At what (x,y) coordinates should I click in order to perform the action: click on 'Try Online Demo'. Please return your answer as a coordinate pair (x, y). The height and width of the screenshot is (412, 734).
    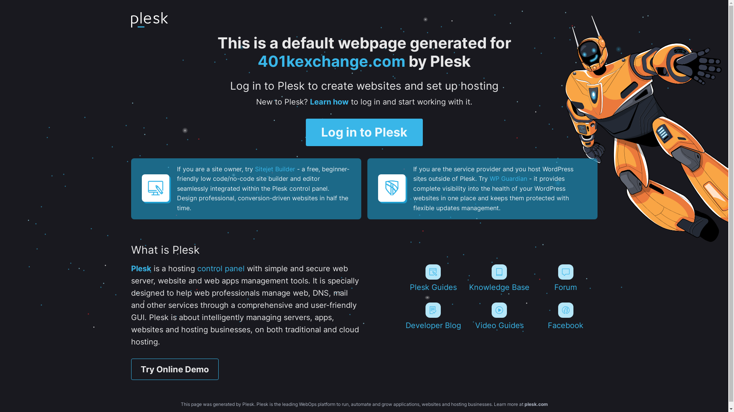
    Looking at the image, I should click on (130, 369).